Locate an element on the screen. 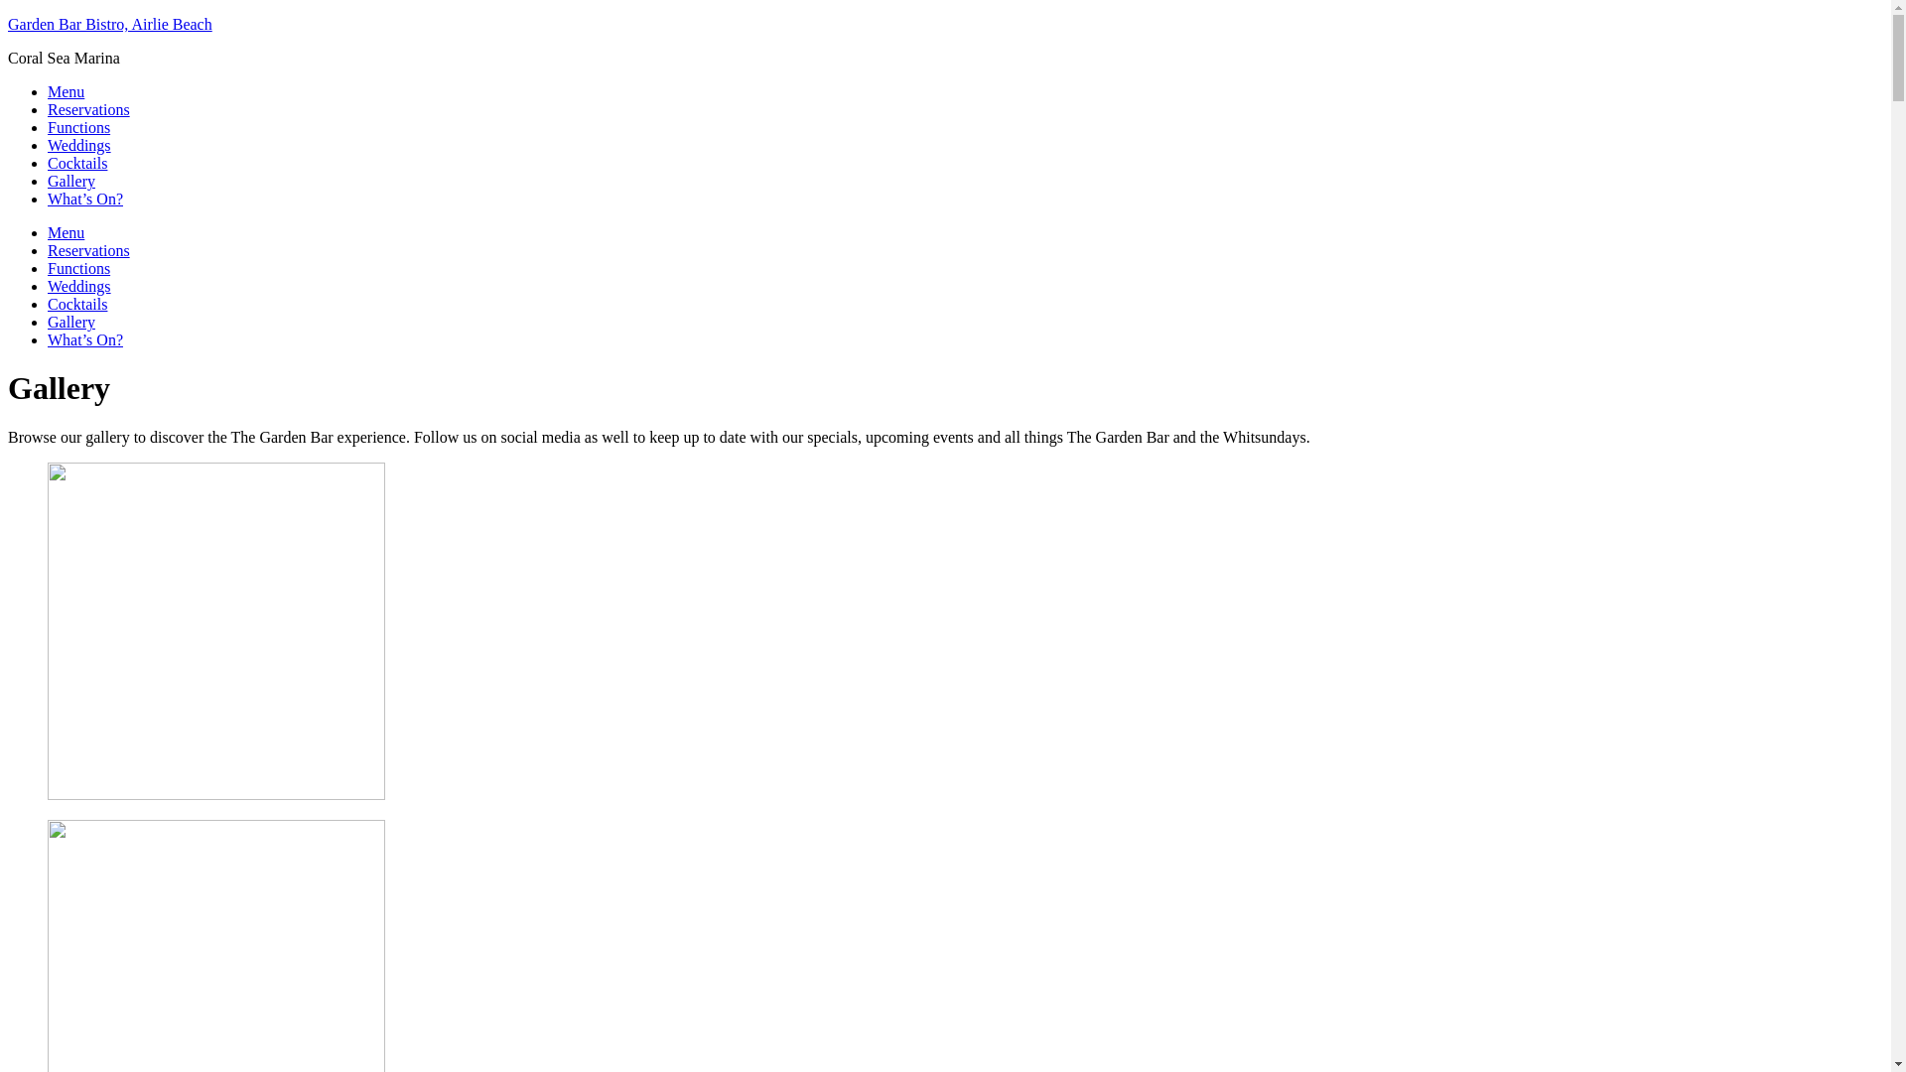 This screenshot has width=1906, height=1072. 'Functions' is located at coordinates (78, 127).